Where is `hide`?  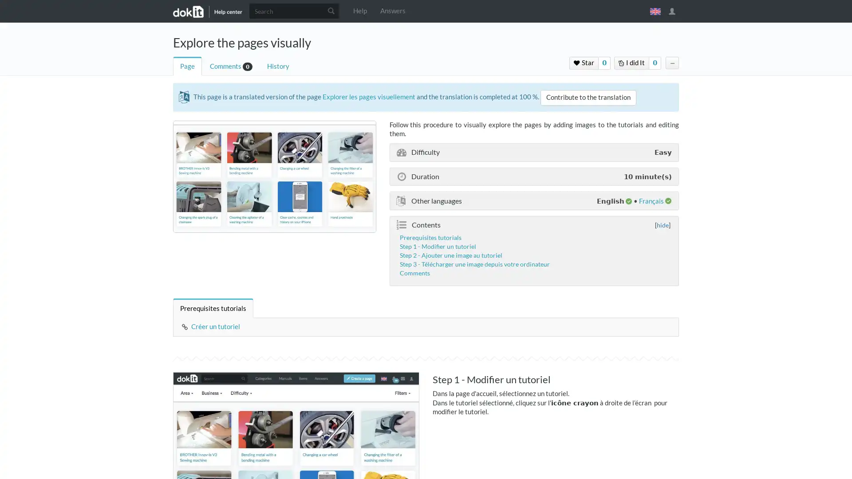
hide is located at coordinates (663, 224).